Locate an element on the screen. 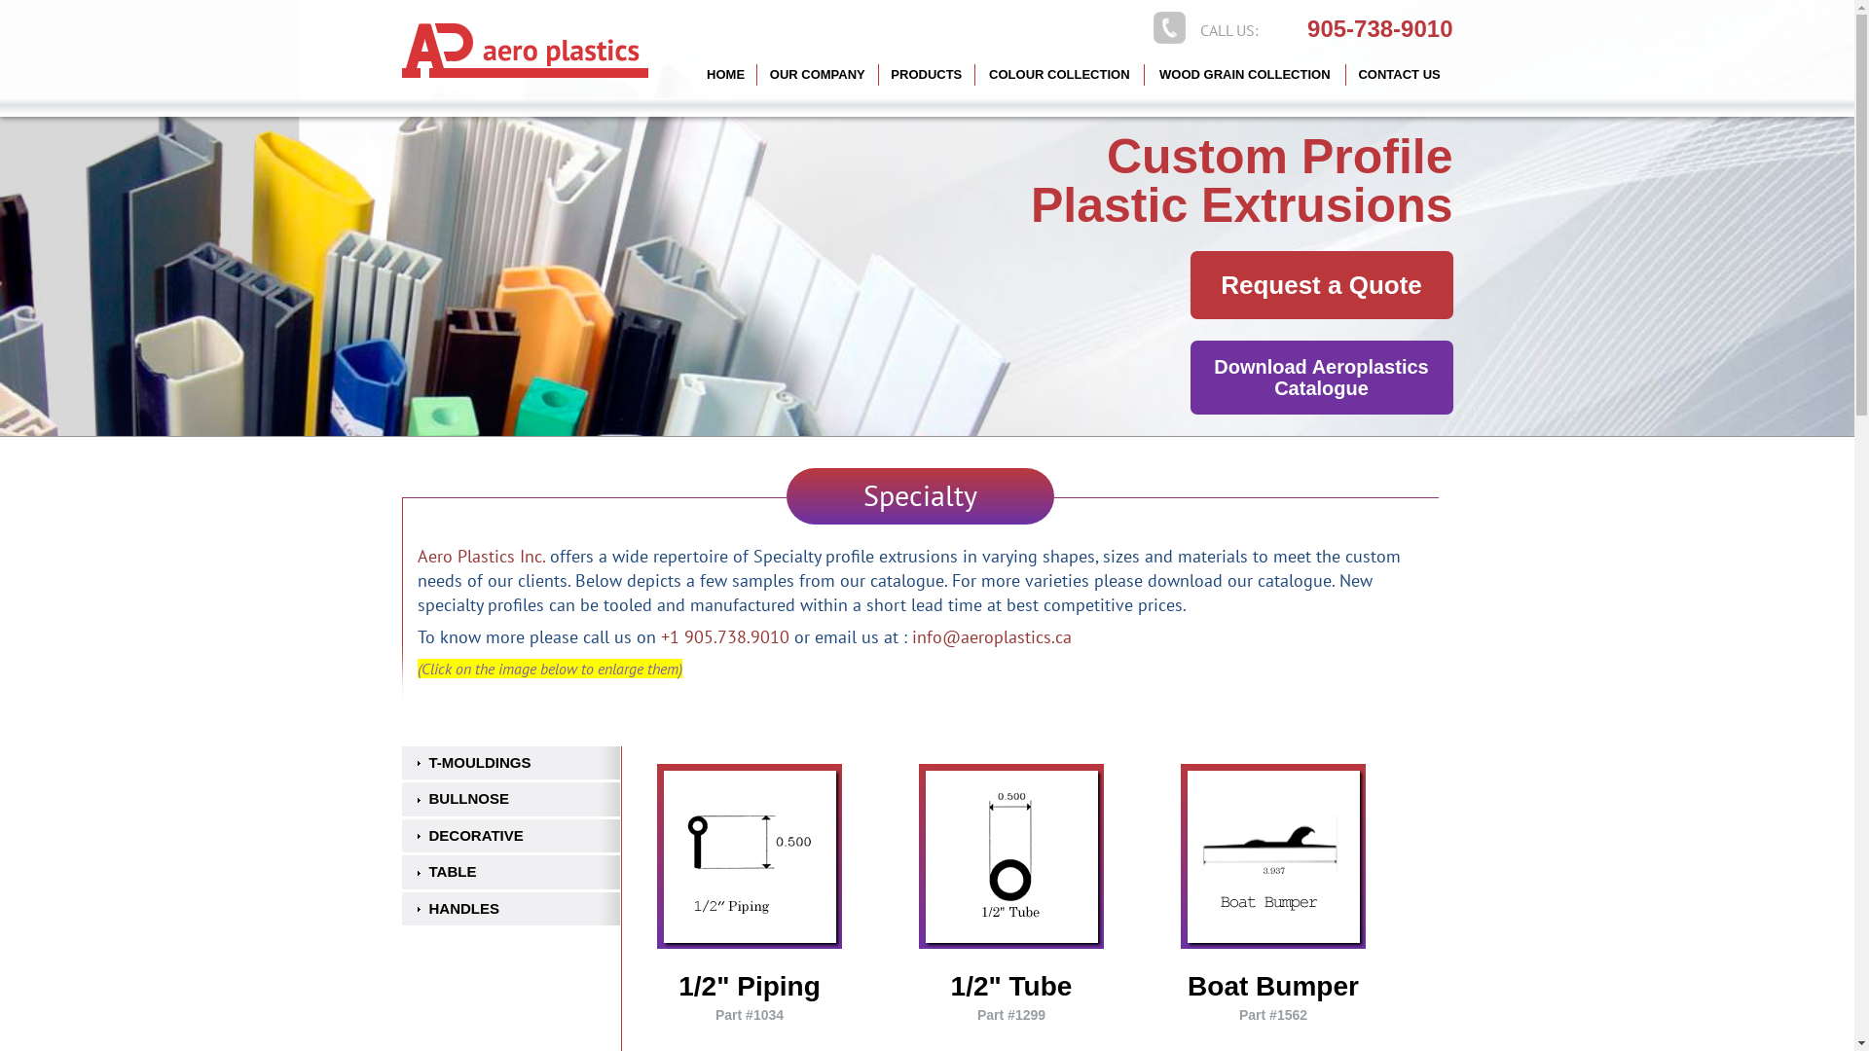  'DECORATIVE' is located at coordinates (510, 835).